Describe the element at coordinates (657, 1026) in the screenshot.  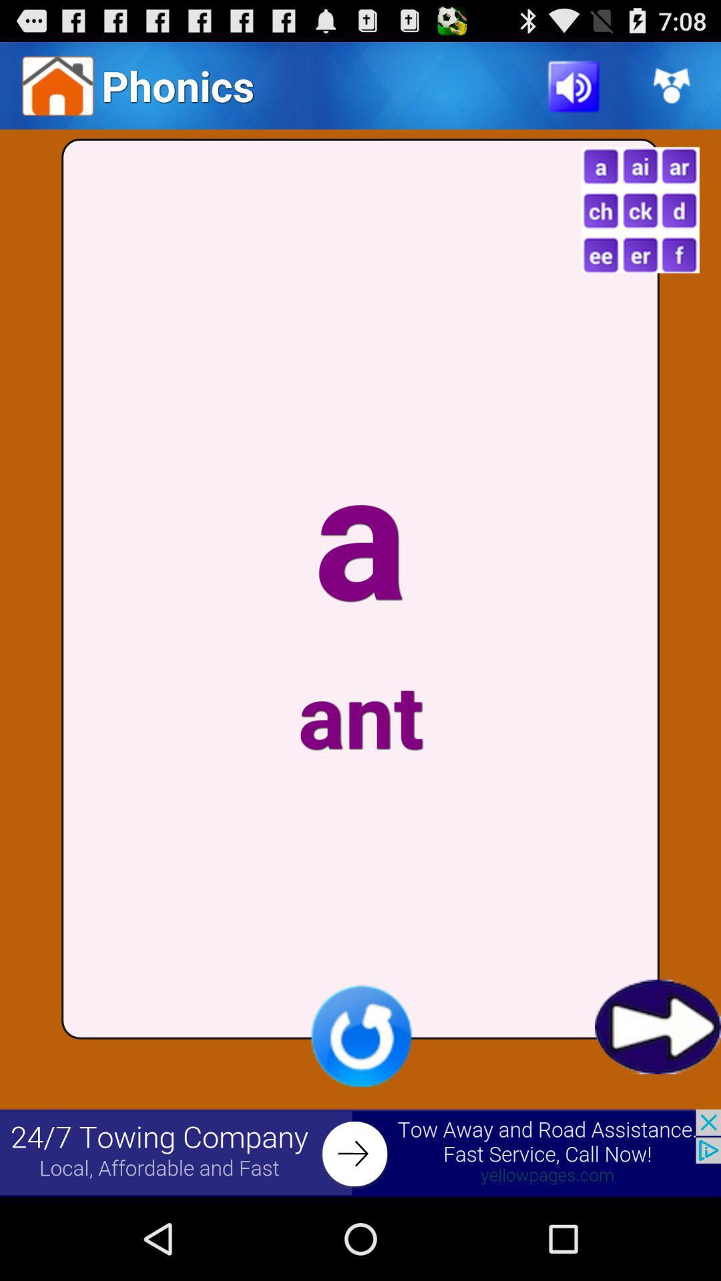
I see `next page` at that location.